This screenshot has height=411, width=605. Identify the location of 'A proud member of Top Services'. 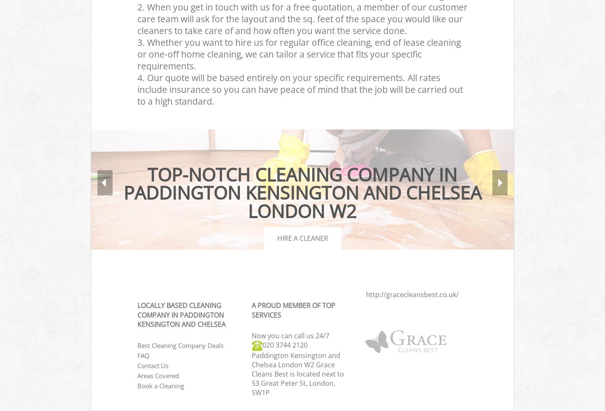
(293, 309).